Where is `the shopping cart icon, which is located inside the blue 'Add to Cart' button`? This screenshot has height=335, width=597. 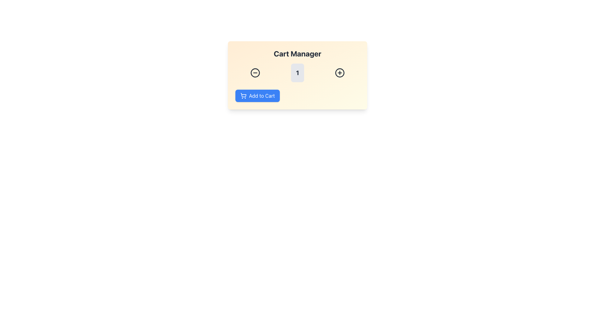
the shopping cart icon, which is located inside the blue 'Add to Cart' button is located at coordinates (243, 96).